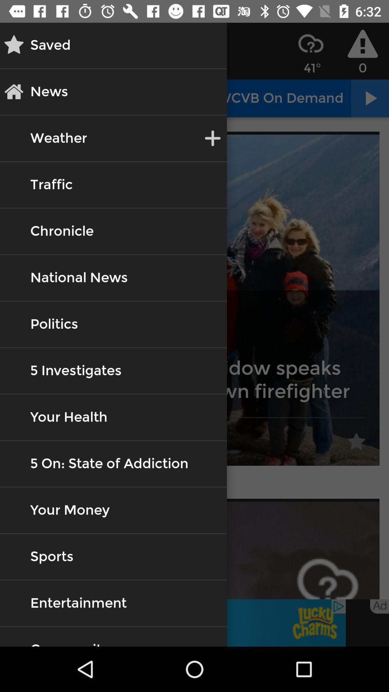  What do you see at coordinates (310, 43) in the screenshot?
I see `the icon which is above 41` at bounding box center [310, 43].